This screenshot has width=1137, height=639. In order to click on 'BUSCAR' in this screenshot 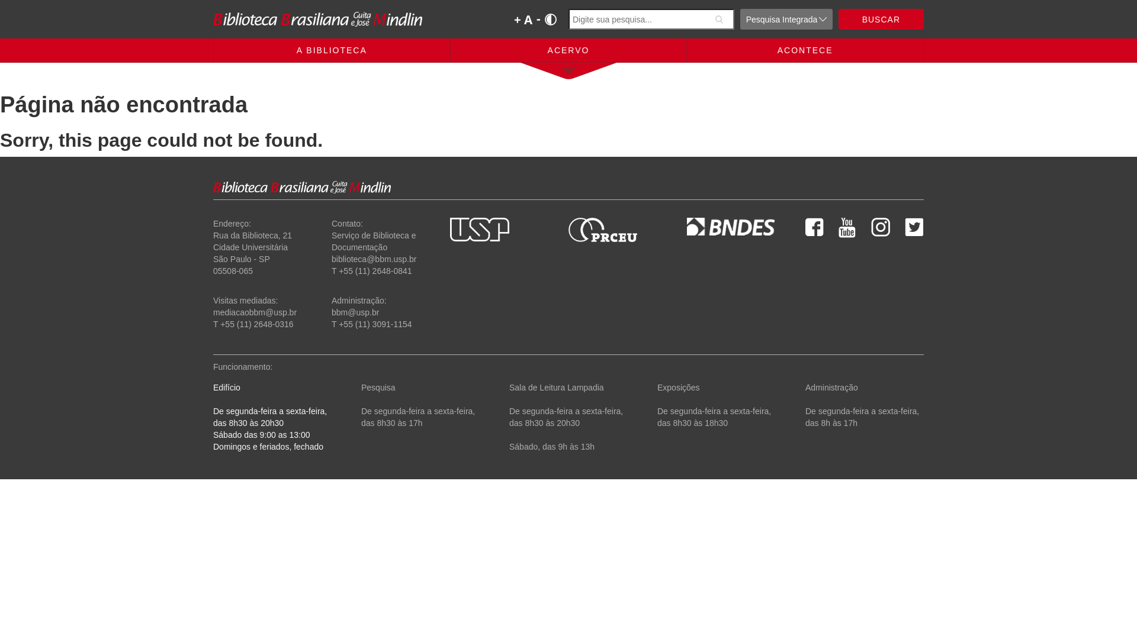, I will do `click(838, 19)`.